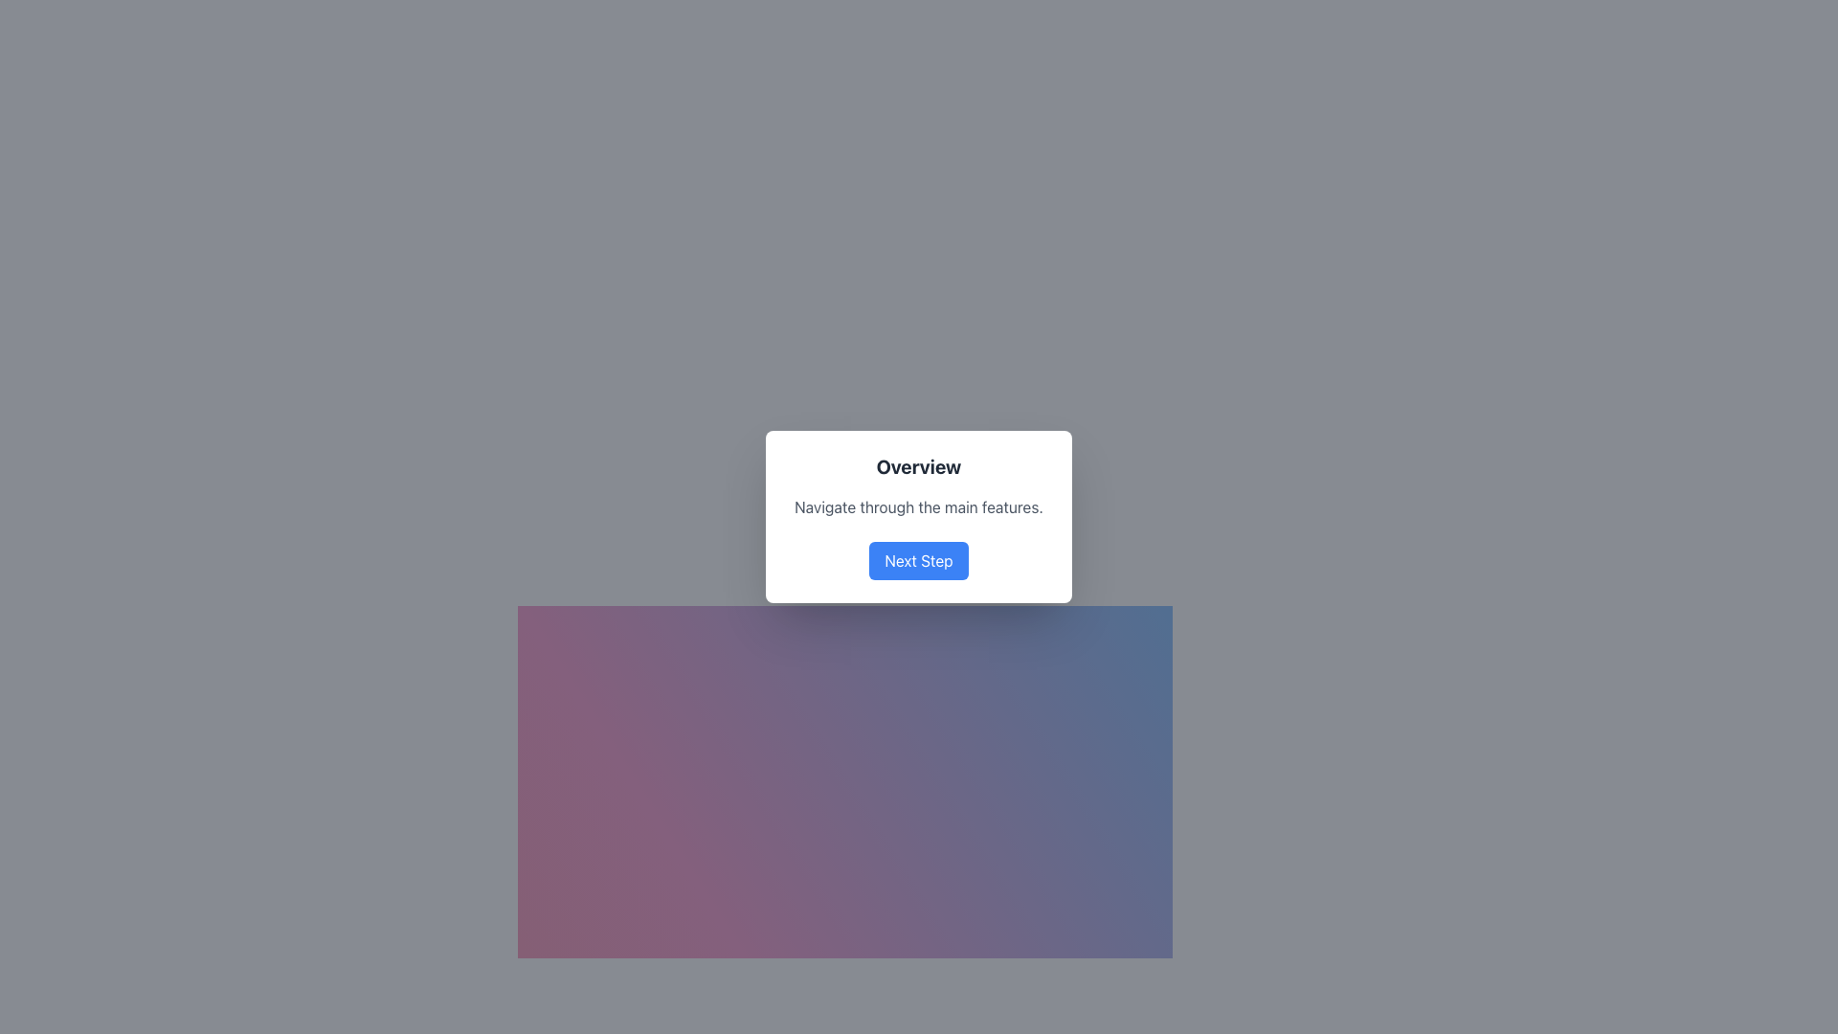  Describe the element at coordinates (919, 506) in the screenshot. I see `the Text Block element that contains the content 'Navigate through the main features.' which is styled in a smaller gray font and is located below the header 'Overview'` at that location.